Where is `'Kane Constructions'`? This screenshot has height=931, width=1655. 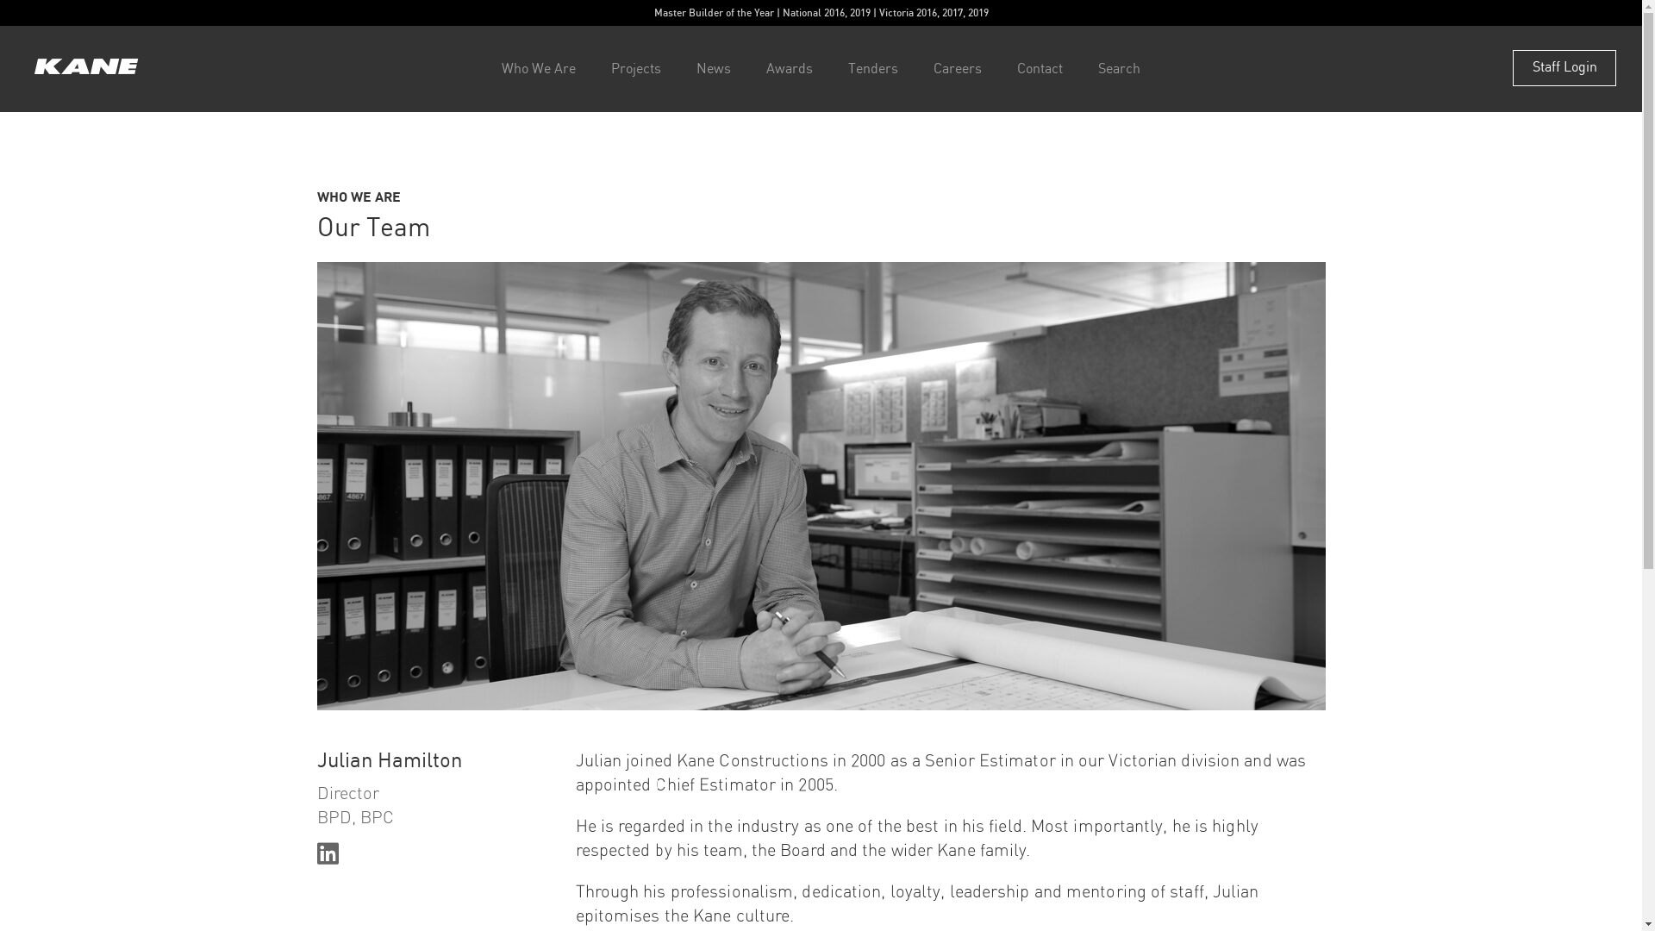 'Kane Constructions' is located at coordinates (85, 67).